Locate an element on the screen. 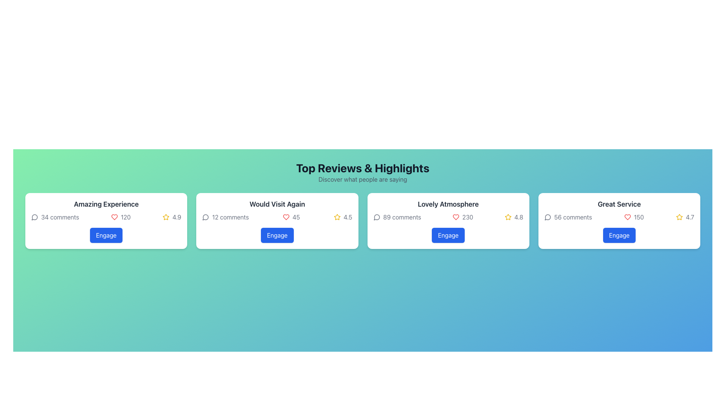 The height and width of the screenshot is (408, 726). the blue rounded rectangular button labeled 'Engage' located at the bottom of the card titled 'Would Visit Again' is located at coordinates (277, 235).